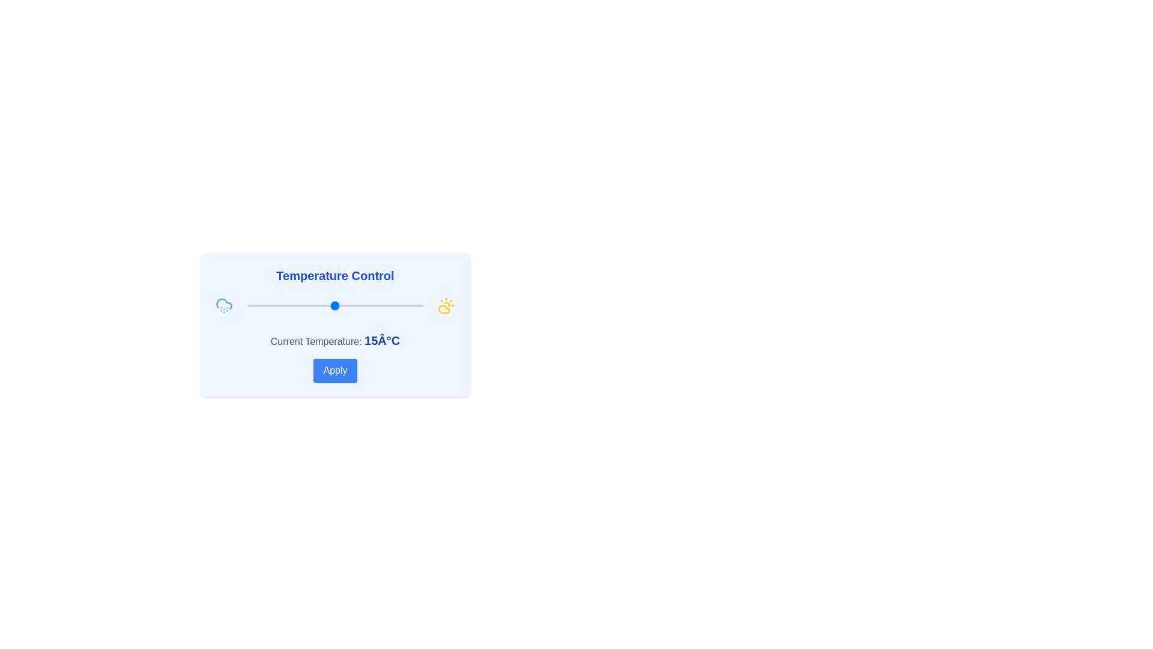  Describe the element at coordinates (264, 305) in the screenshot. I see `the temperature to -5°C using the slider` at that location.